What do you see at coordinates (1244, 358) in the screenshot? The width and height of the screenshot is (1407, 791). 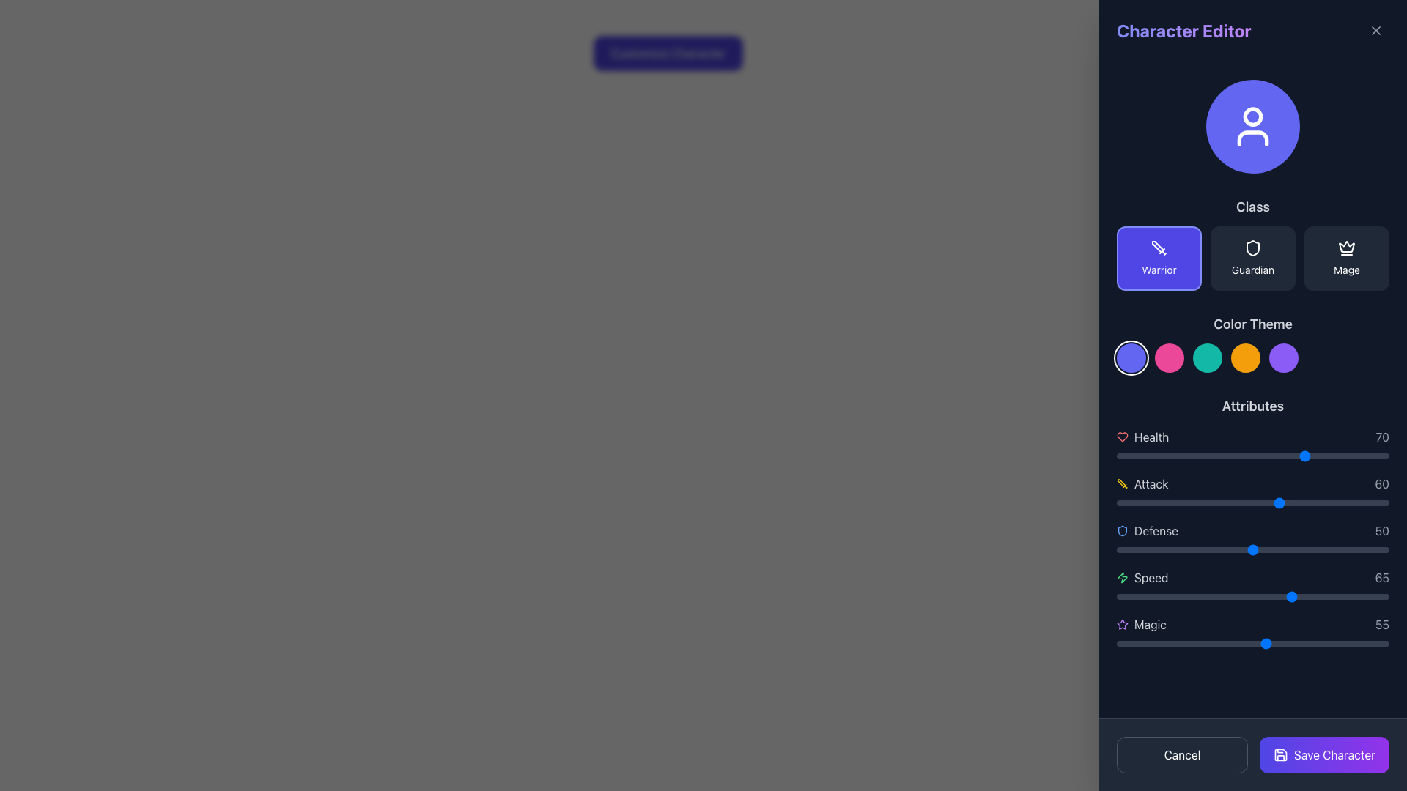 I see `the fourth circular button from the left in the horizontal row of five color-themed buttons under the 'Color Theme' section` at bounding box center [1244, 358].